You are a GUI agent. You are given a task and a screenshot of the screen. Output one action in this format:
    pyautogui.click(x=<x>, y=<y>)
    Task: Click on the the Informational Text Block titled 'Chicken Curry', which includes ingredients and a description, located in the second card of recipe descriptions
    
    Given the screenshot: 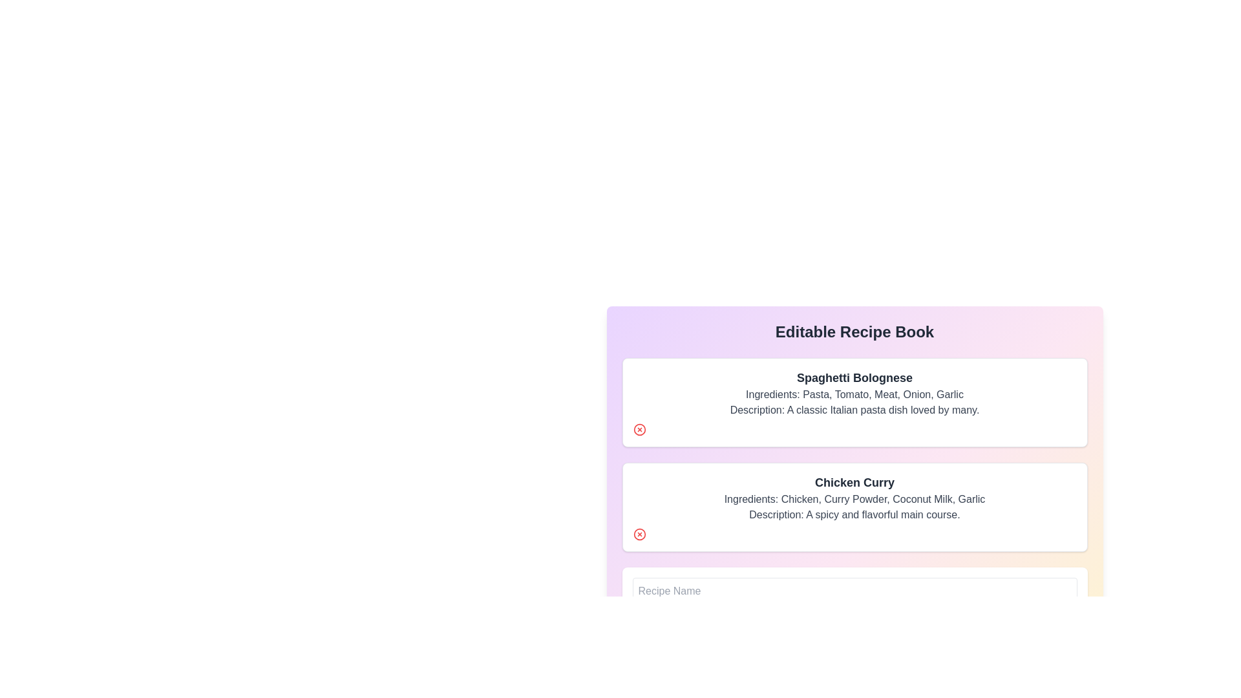 What is the action you would take?
    pyautogui.click(x=854, y=498)
    